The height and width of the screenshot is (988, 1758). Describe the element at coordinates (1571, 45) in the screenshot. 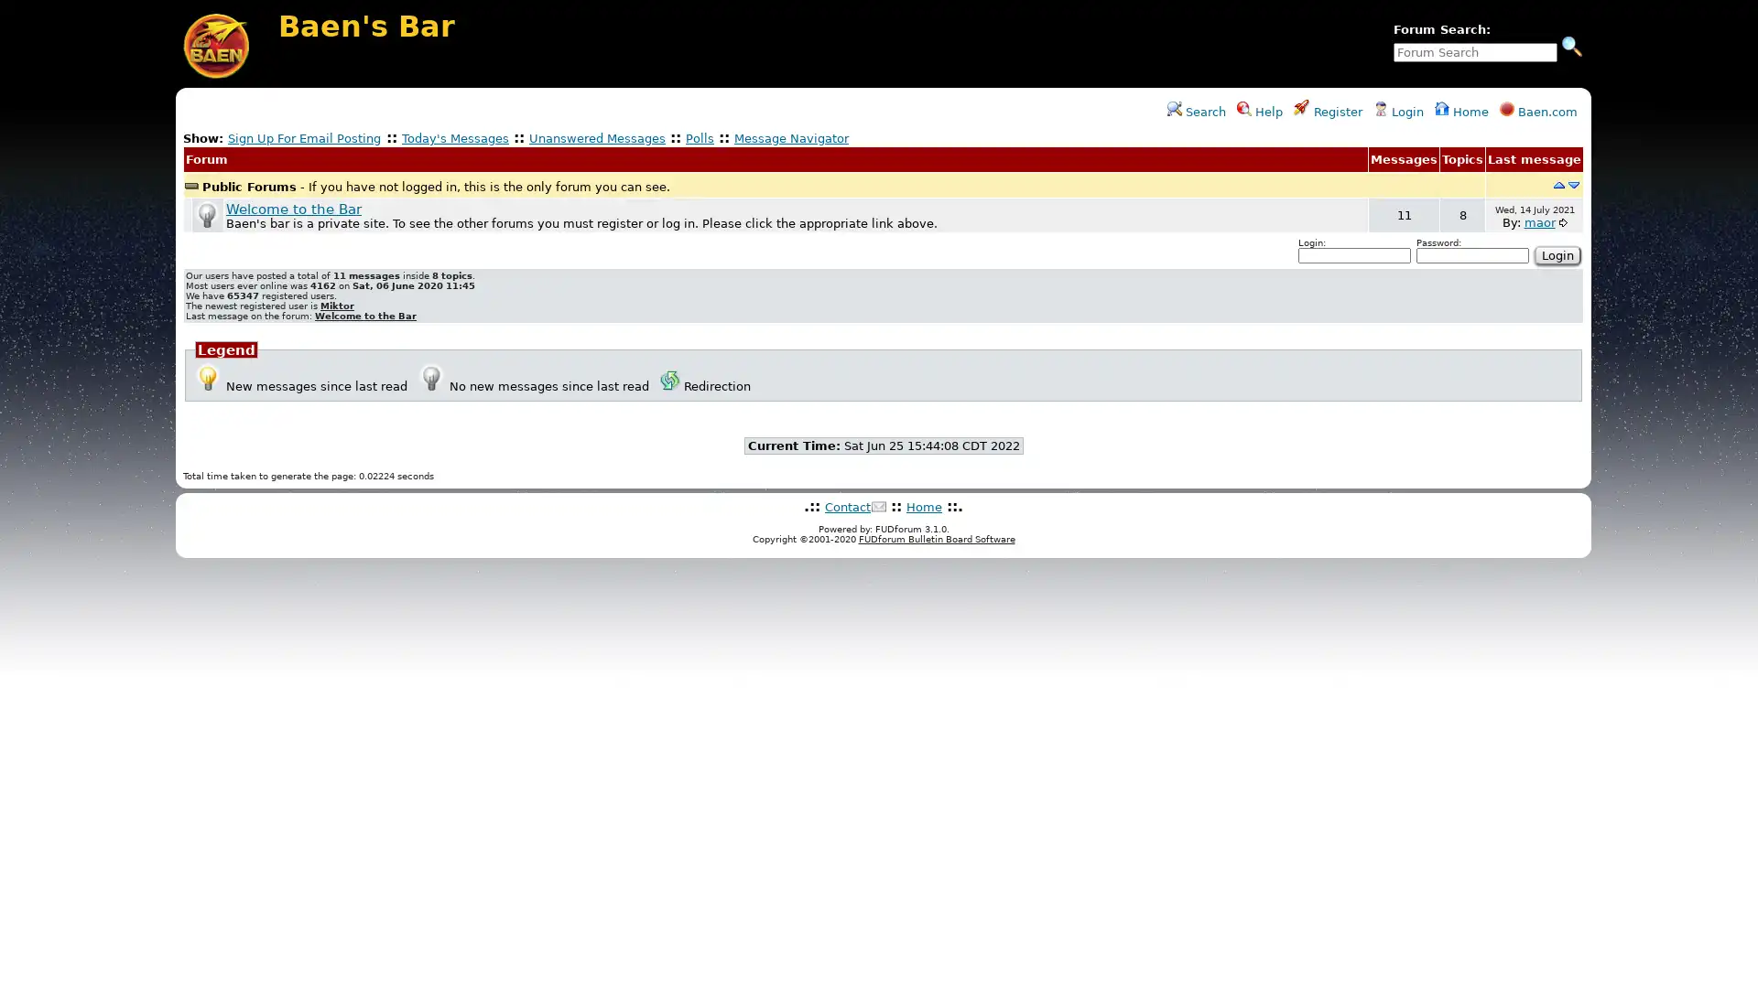

I see `Search` at that location.